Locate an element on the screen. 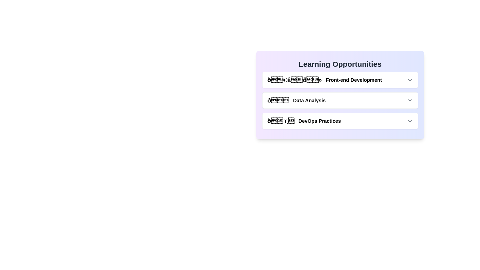  the graphic icon representing 'Front-end Development', which is styled with a 'text-2xl' class and positioned at the beginning of the list item is located at coordinates (294, 80).